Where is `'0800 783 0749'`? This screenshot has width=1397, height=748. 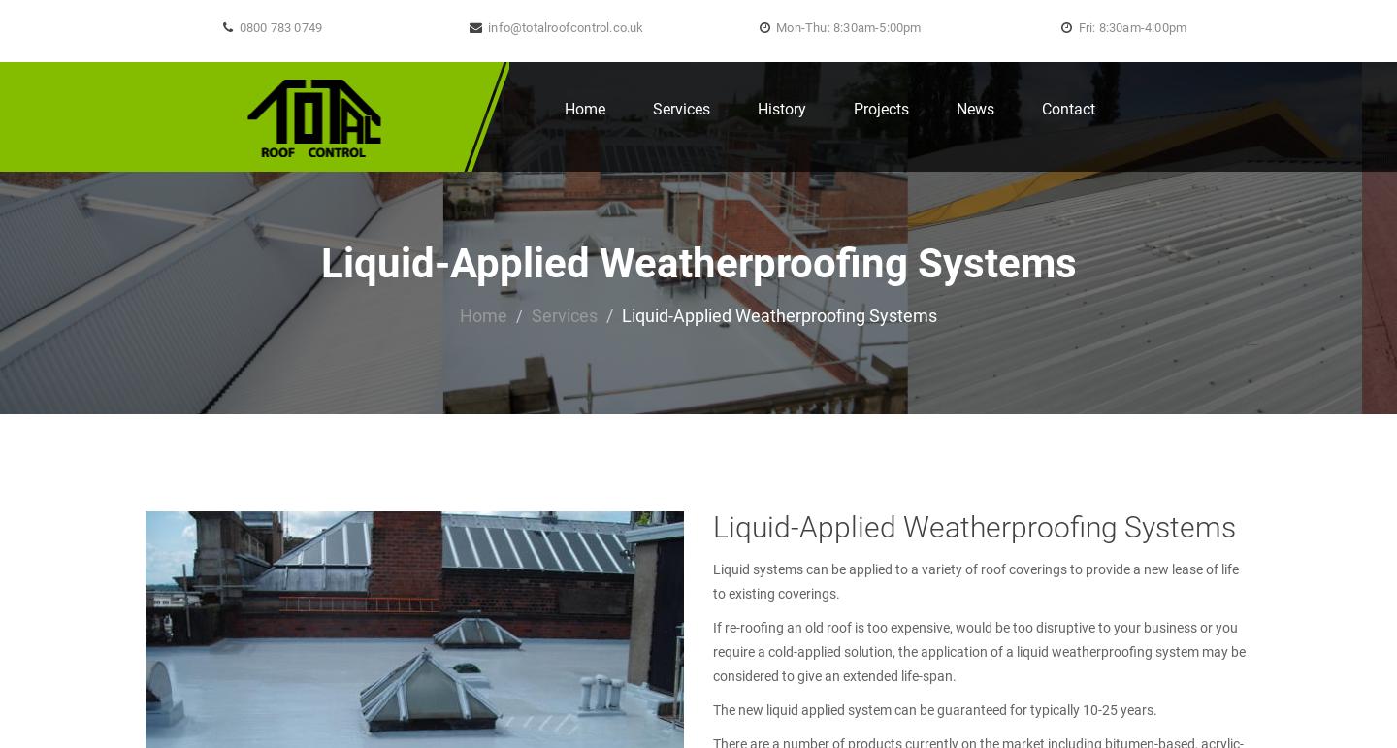
'0800 783 0749' is located at coordinates (237, 27).